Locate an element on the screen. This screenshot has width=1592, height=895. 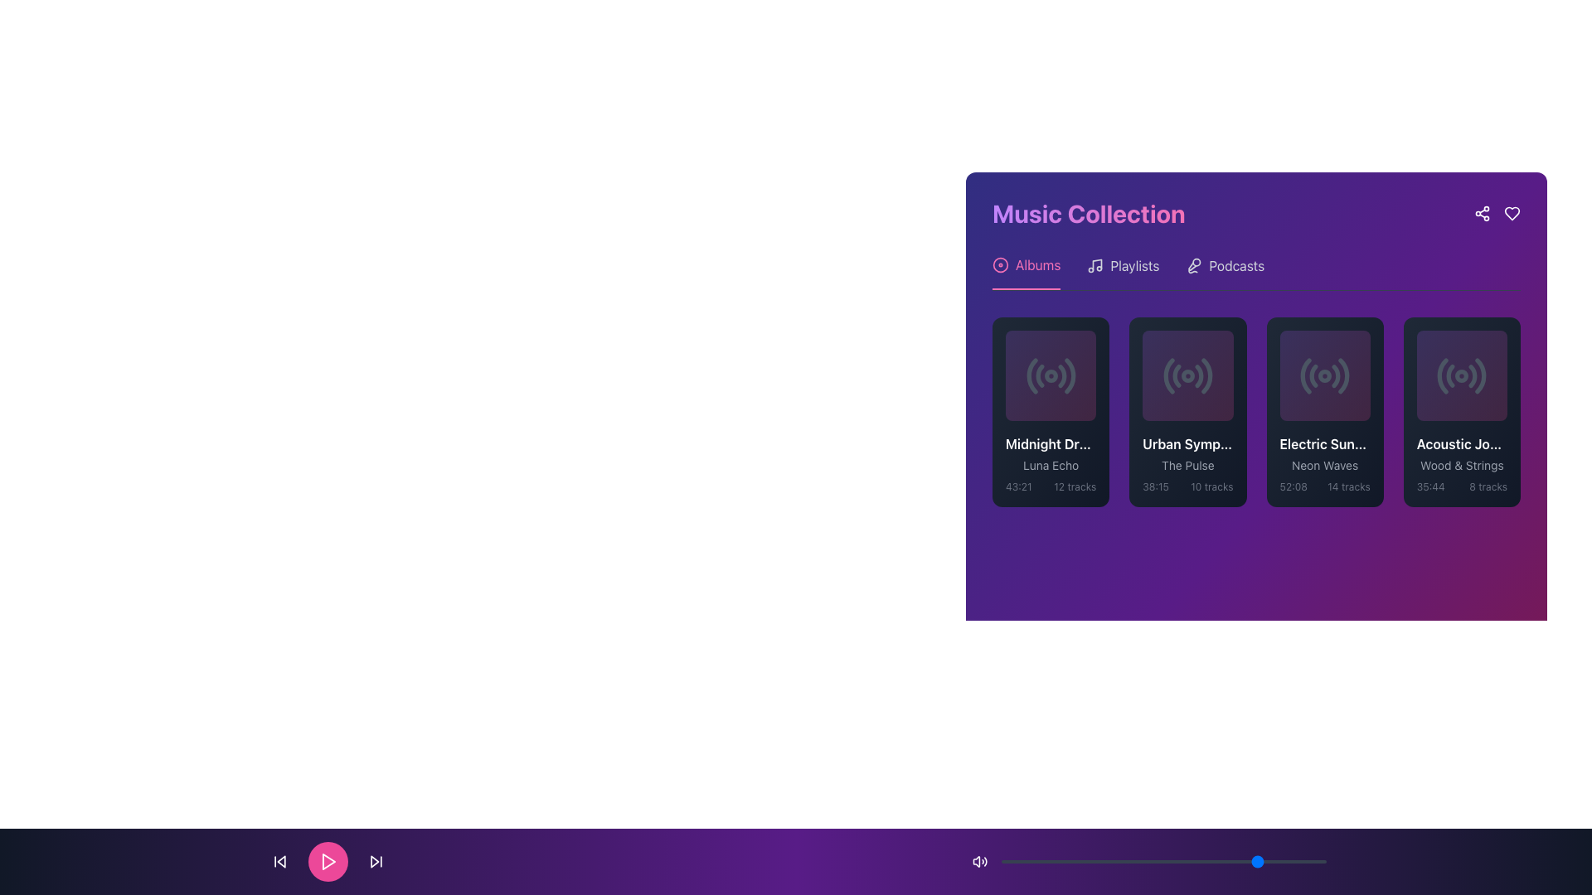
the backward skip button located at the bottom-left corner of the media control bar to skip to the previous track is located at coordinates (279, 861).